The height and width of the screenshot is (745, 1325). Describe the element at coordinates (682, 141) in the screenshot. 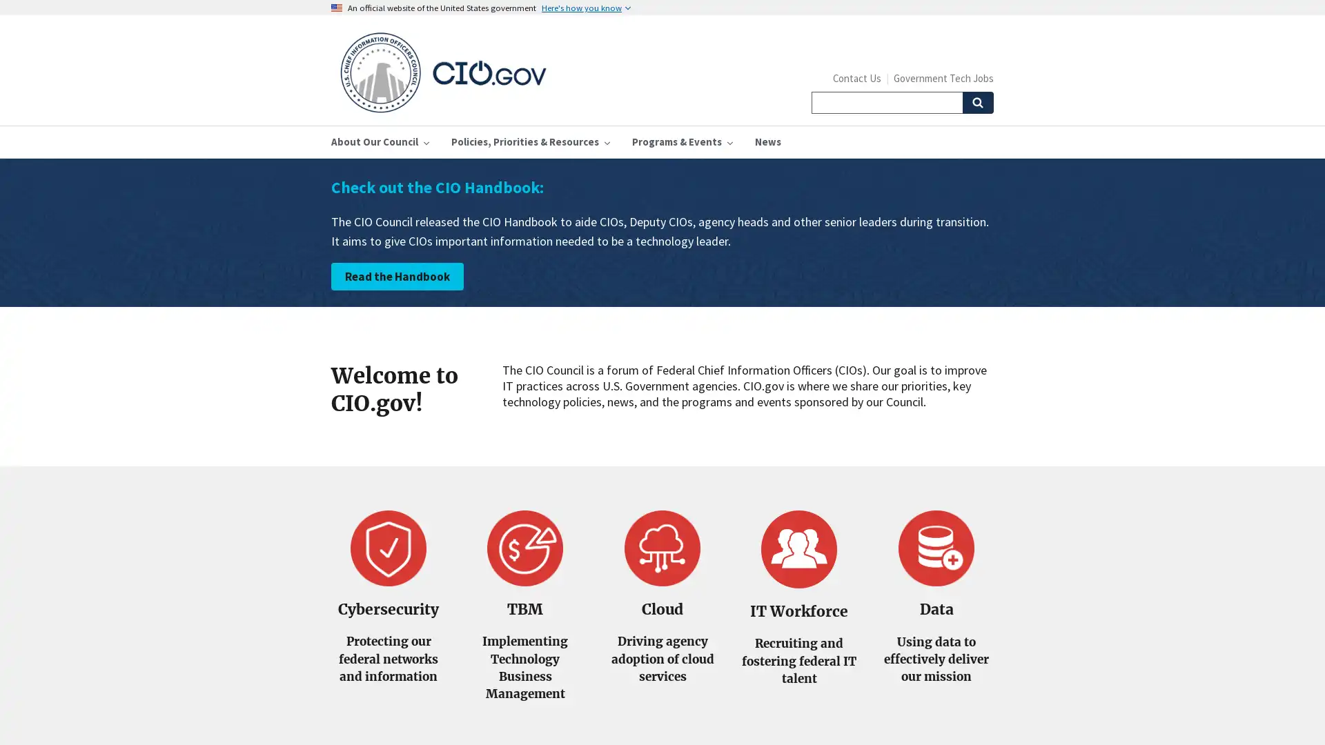

I see `Programs & Events` at that location.